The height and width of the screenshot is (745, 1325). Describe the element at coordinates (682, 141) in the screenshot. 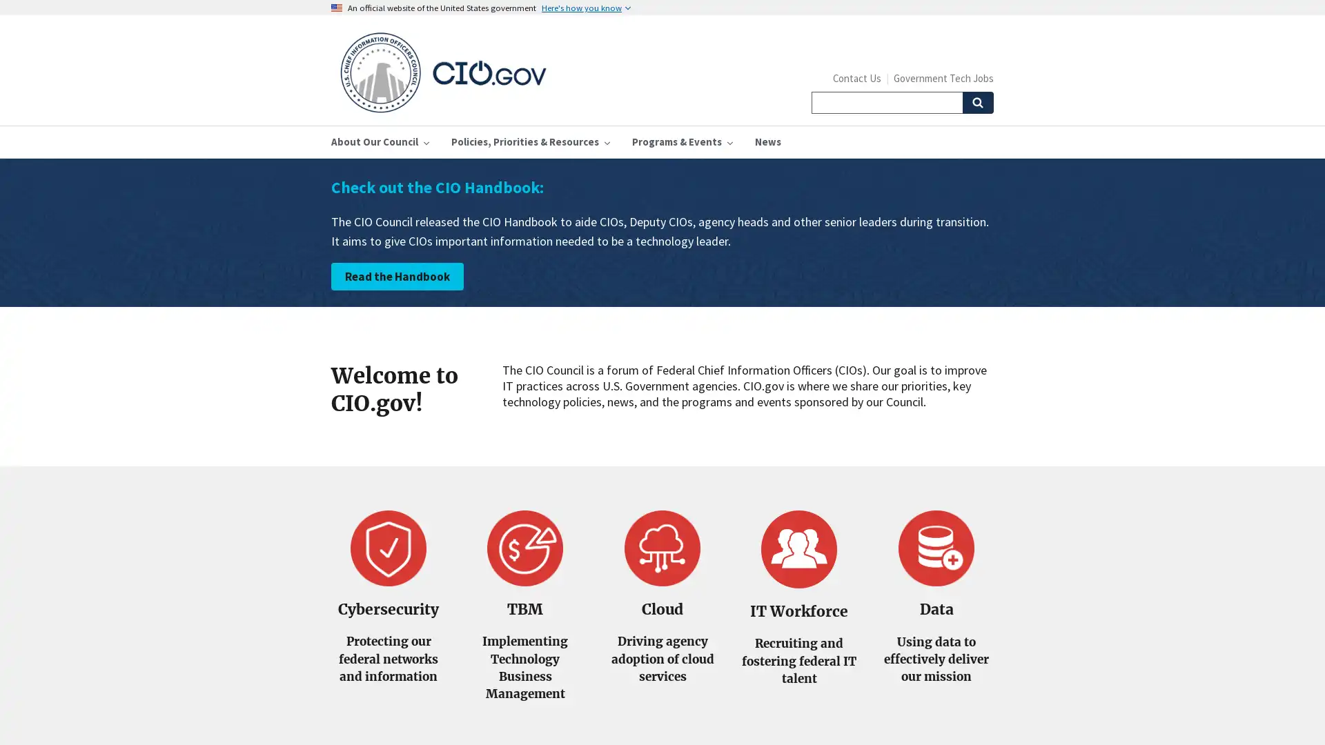

I see `Programs & Events` at that location.